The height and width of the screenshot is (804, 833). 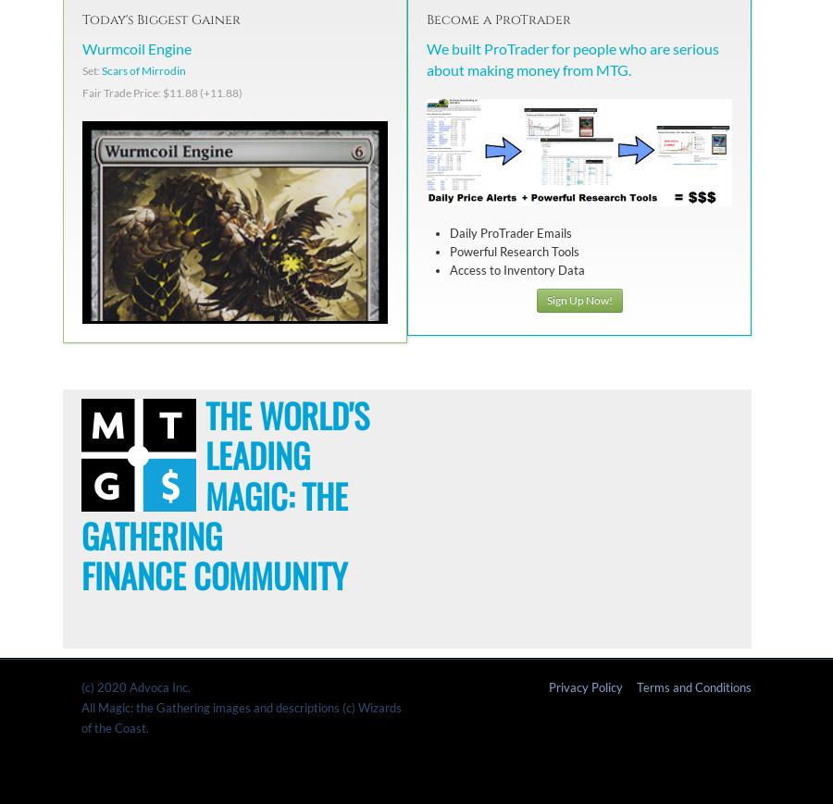 What do you see at coordinates (91, 69) in the screenshot?
I see `'Set:'` at bounding box center [91, 69].